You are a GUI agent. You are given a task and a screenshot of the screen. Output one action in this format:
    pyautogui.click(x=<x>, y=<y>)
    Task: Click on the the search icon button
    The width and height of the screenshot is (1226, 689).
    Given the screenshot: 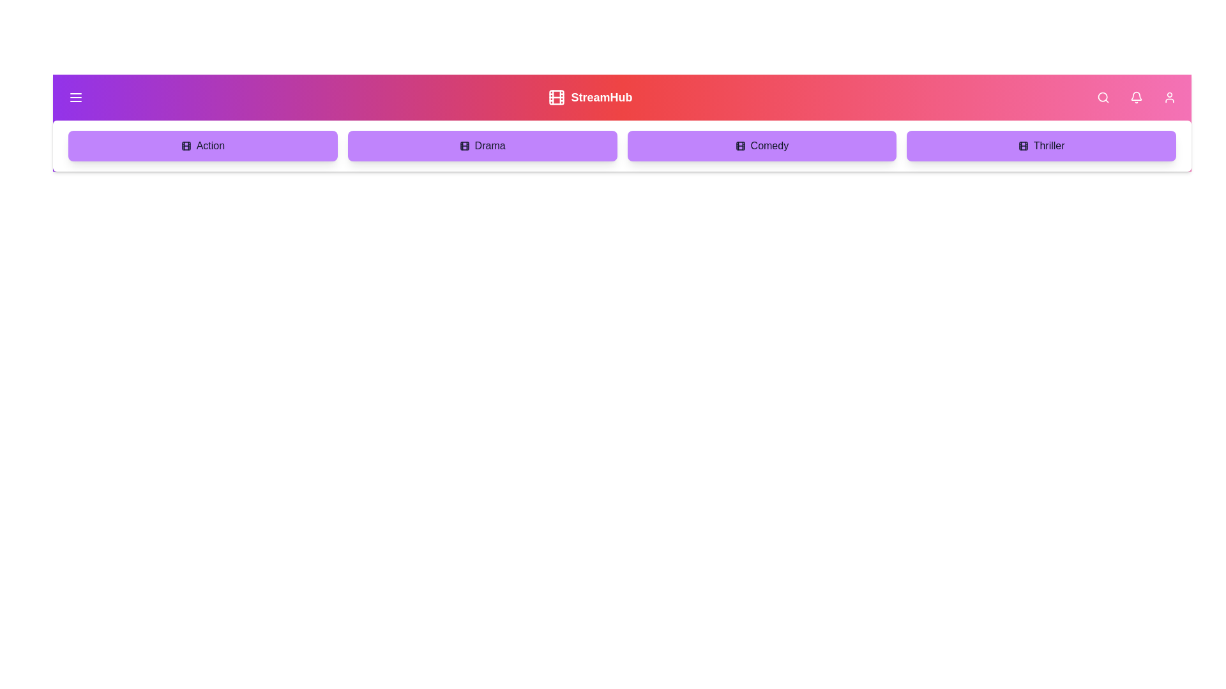 What is the action you would take?
    pyautogui.click(x=1103, y=97)
    